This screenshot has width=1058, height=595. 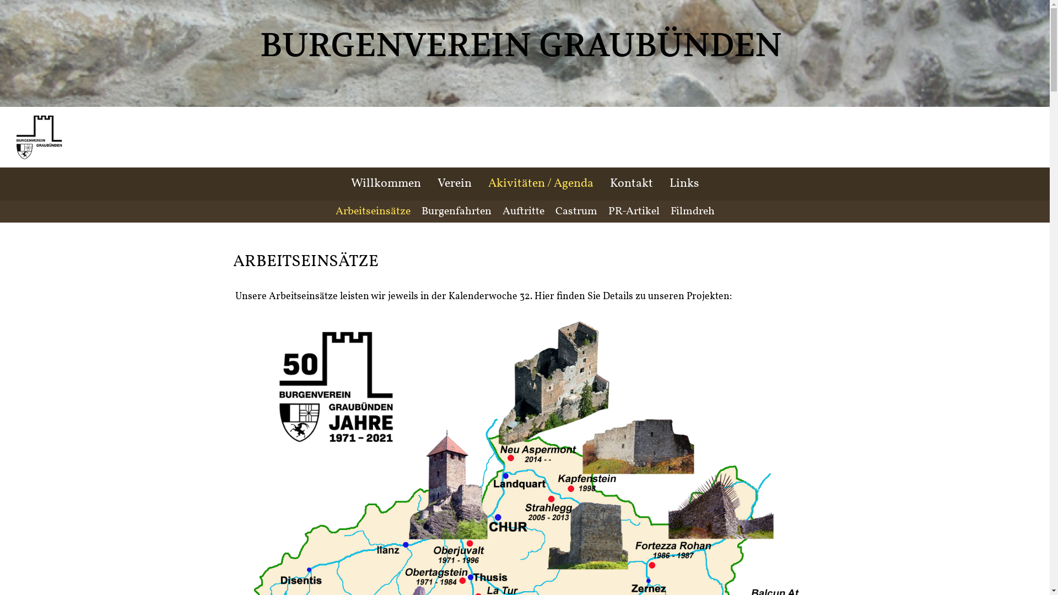 I want to click on 'Links', so click(x=683, y=183).